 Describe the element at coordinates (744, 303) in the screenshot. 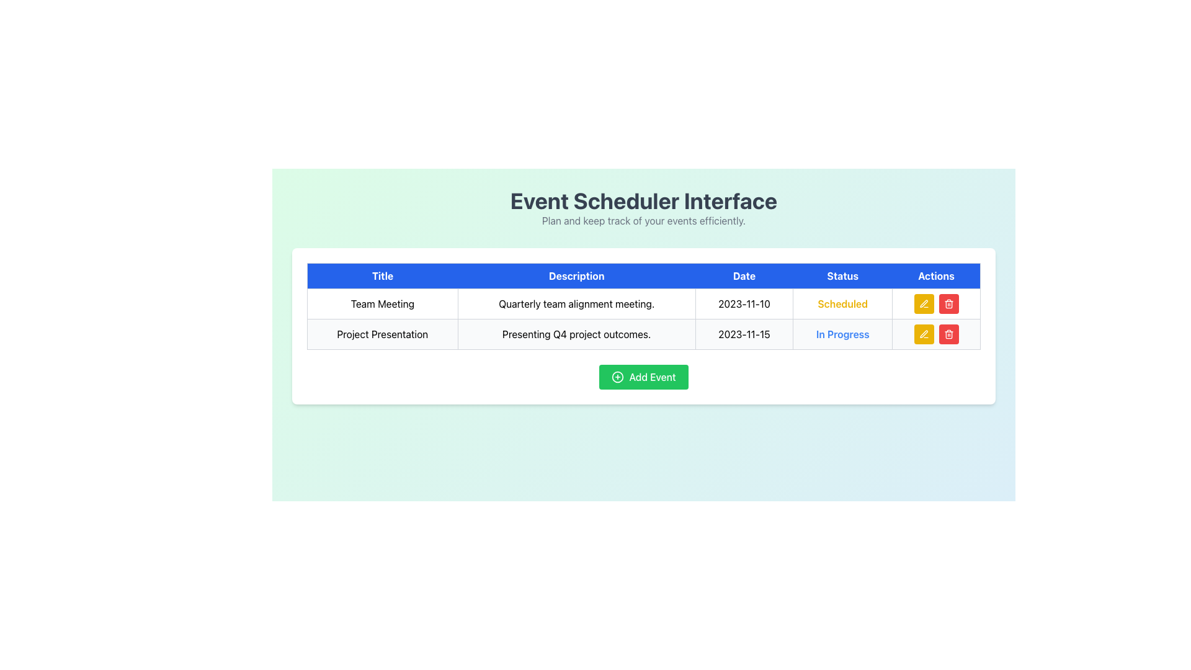

I see `the text label displaying the date '2023-11-10' in black text, which is located in the third column of the first row of a table under the 'Date' heading` at that location.